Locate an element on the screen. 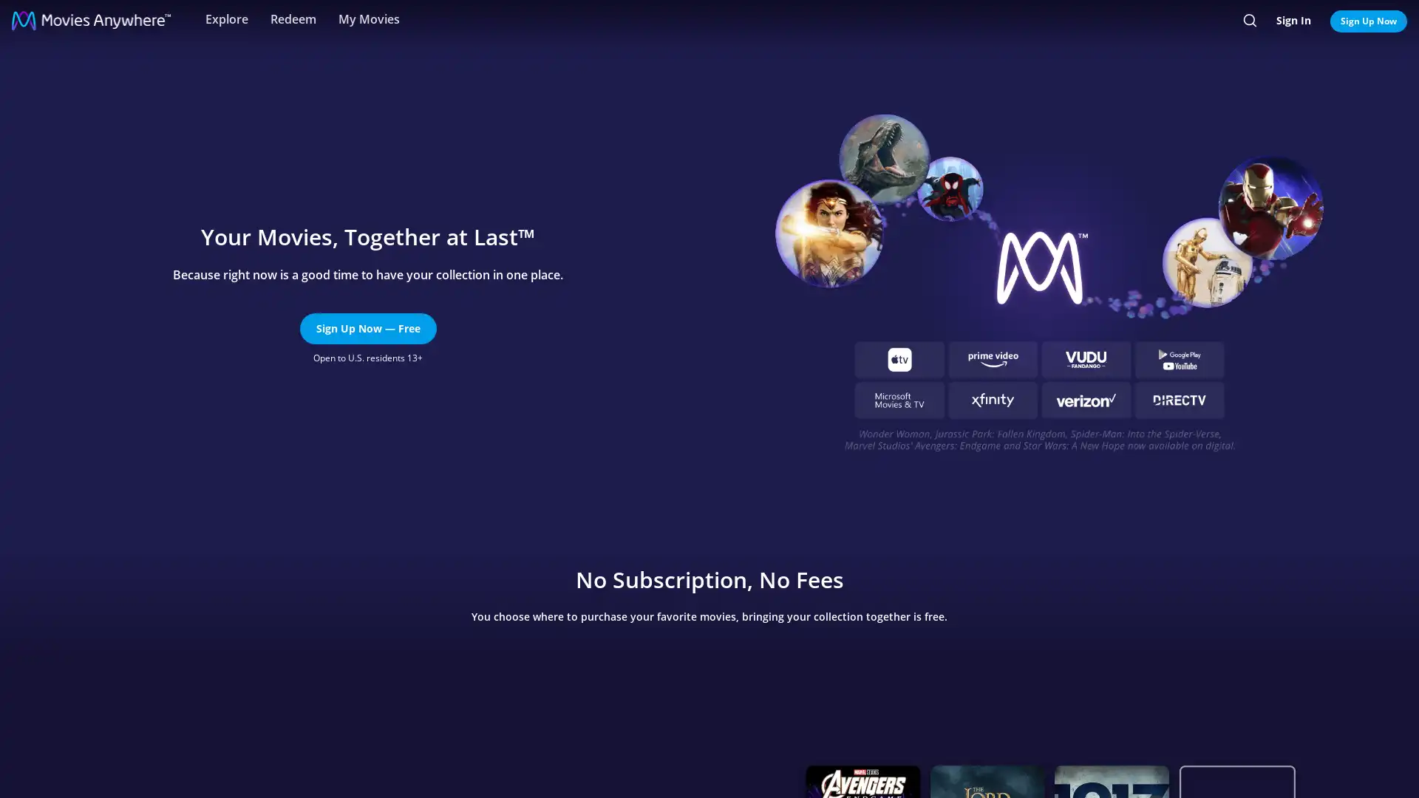  Search is located at coordinates (1249, 20).